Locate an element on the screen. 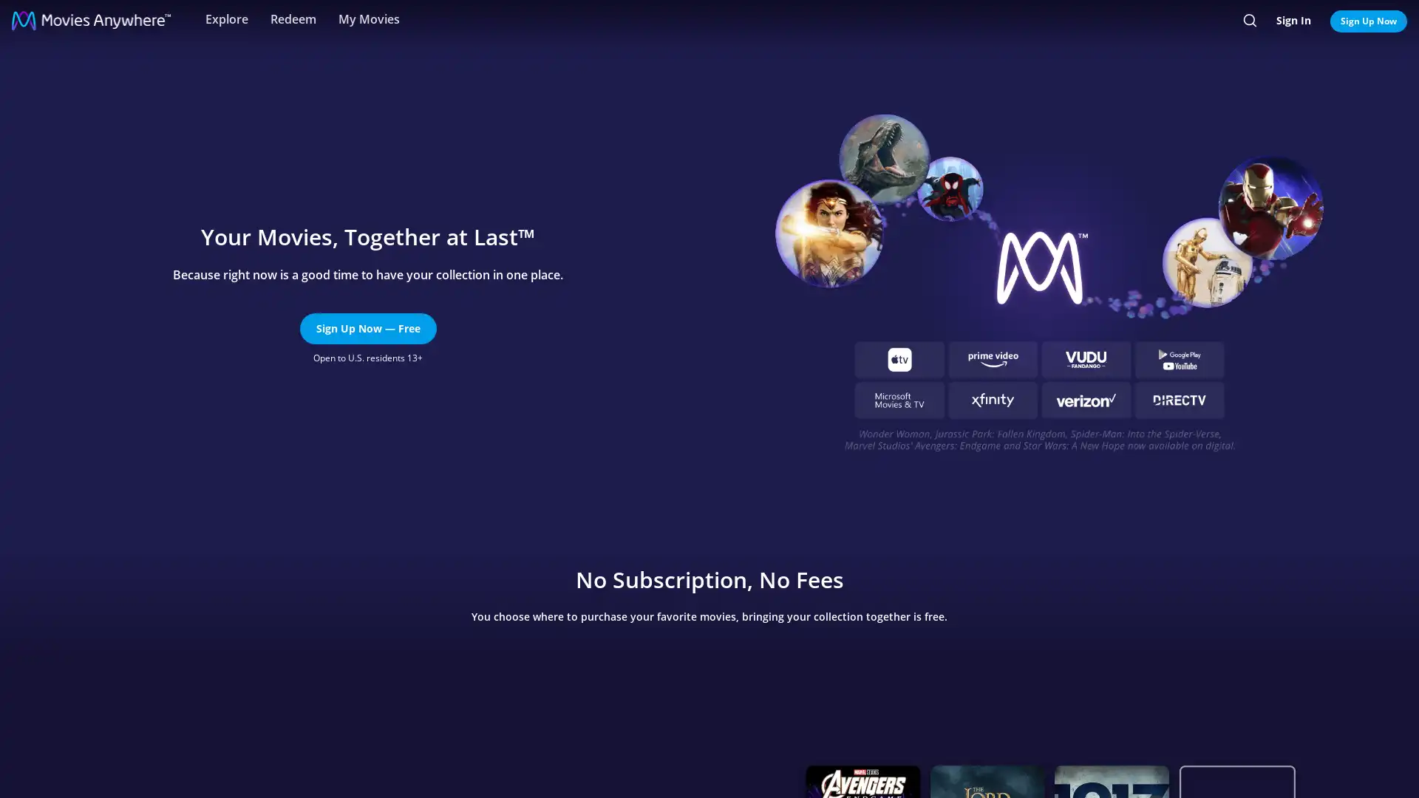  Search is located at coordinates (1249, 20).